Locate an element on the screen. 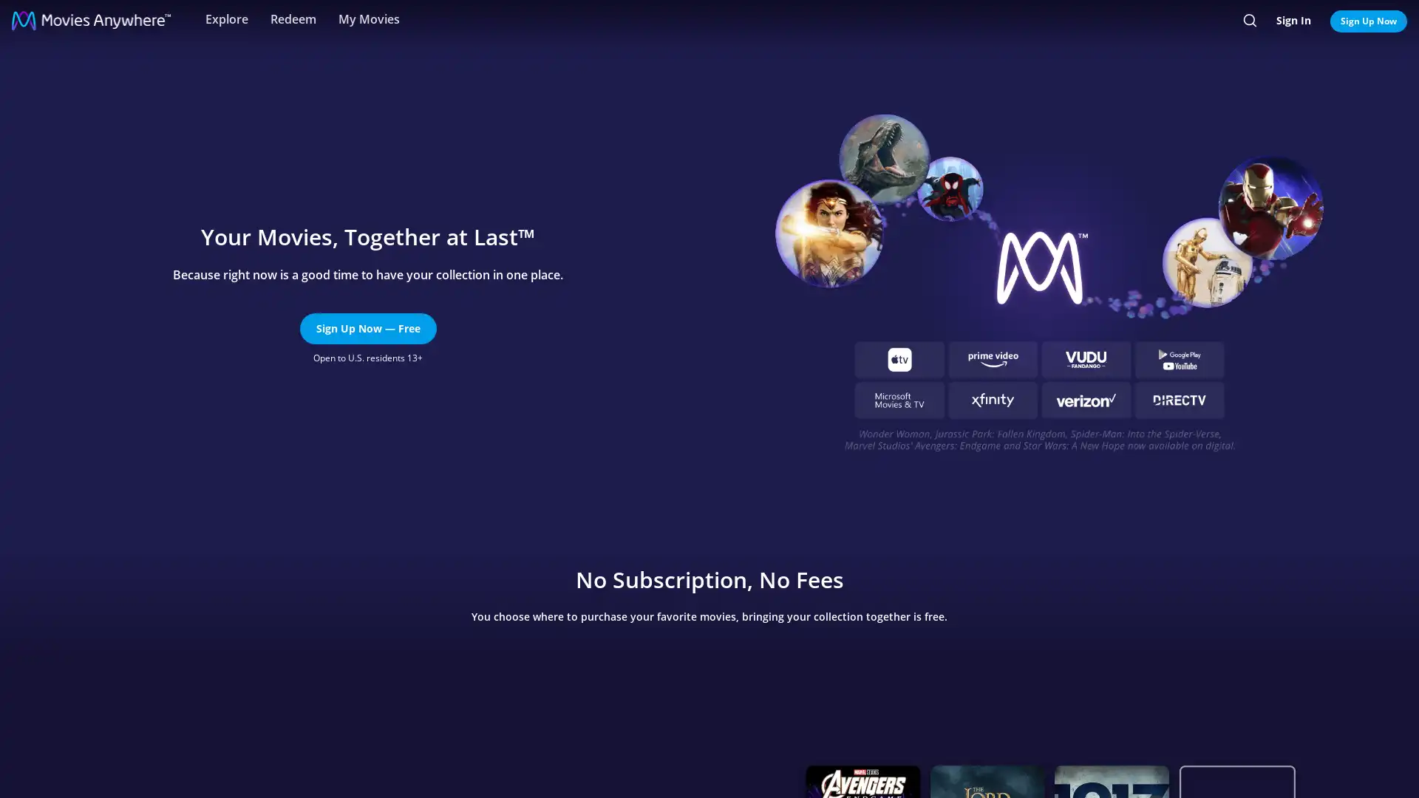  Search is located at coordinates (1249, 20).